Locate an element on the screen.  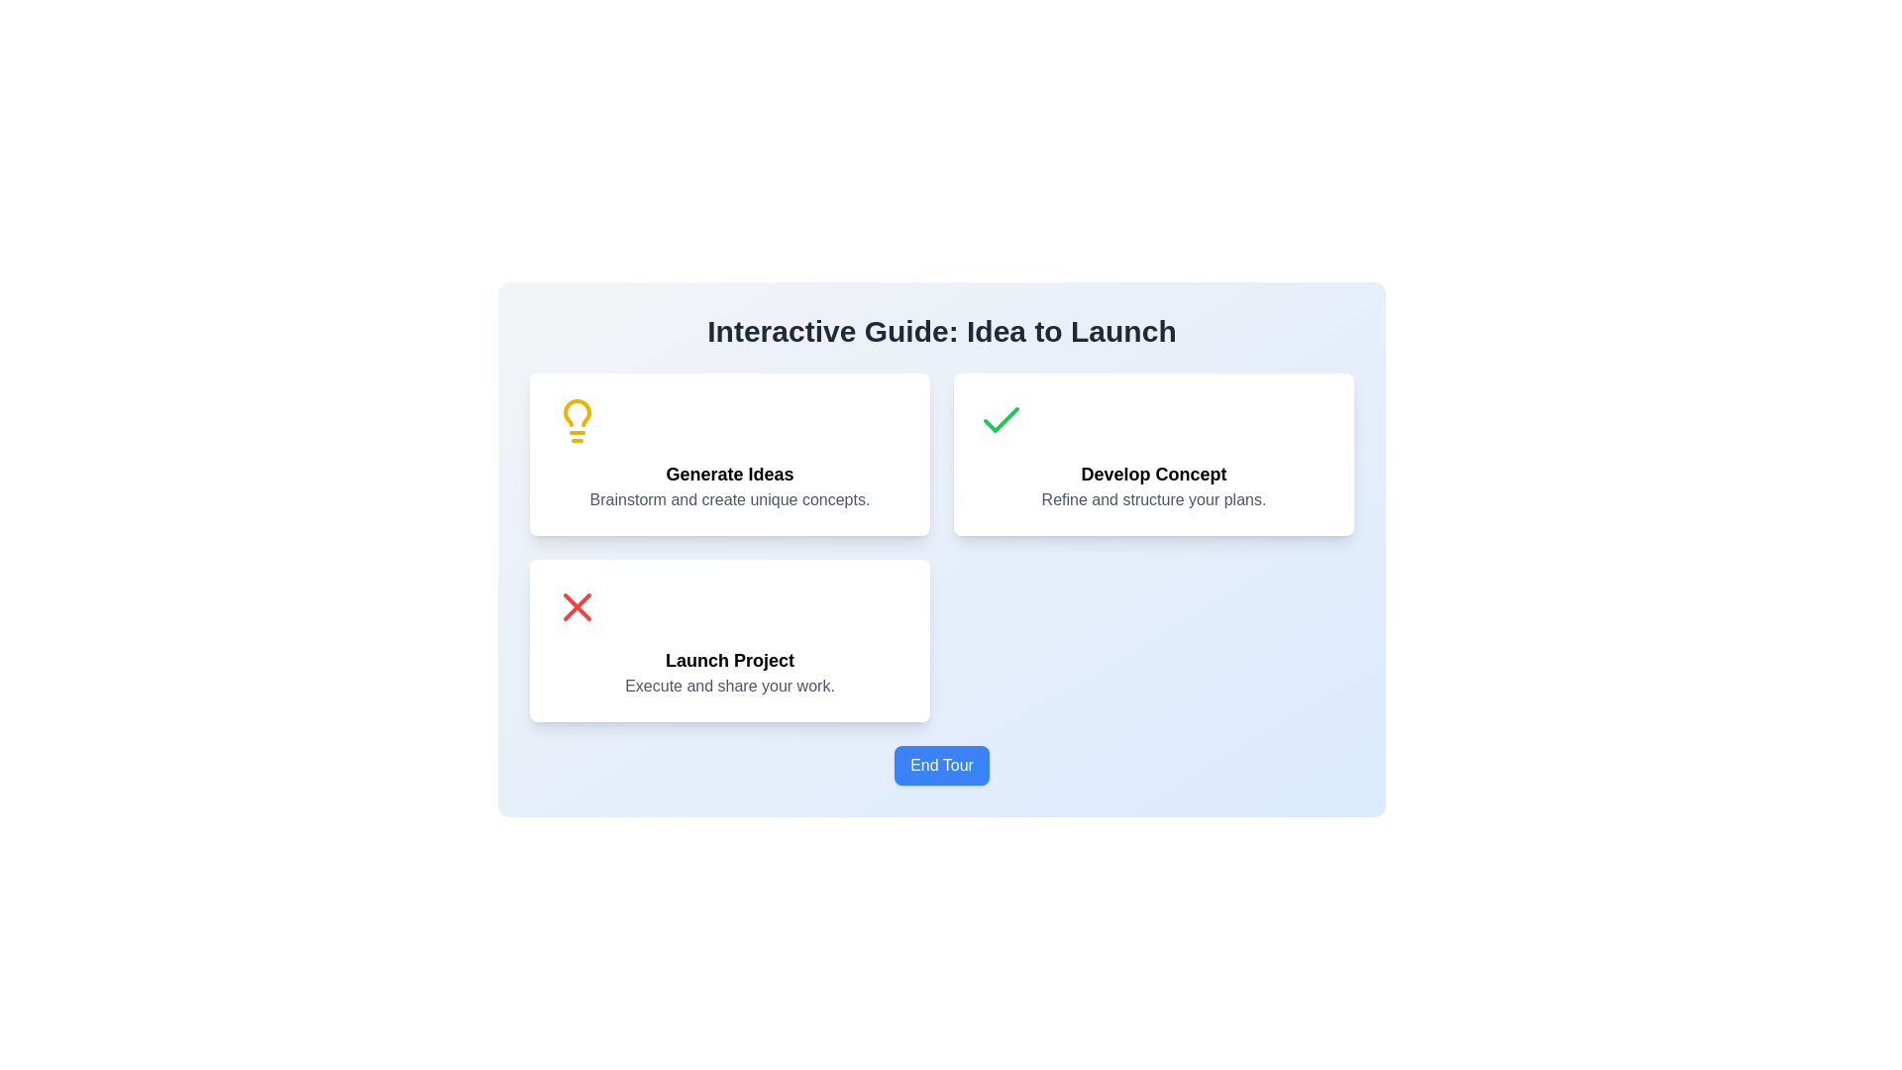
the completion icon located in the top-right section of the 'Develop Concept' card, which indicates a positive state is located at coordinates (1002, 419).